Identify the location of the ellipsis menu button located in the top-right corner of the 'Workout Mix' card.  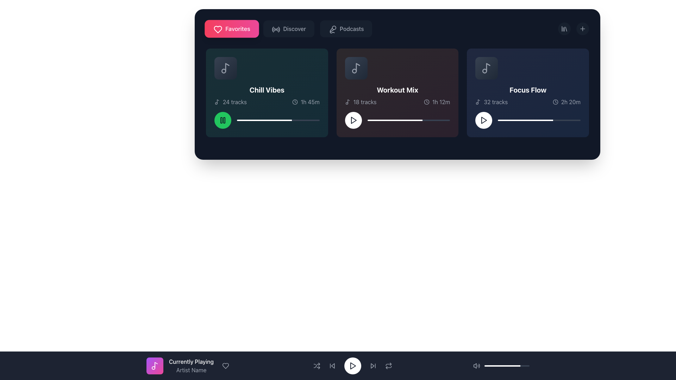
(443, 63).